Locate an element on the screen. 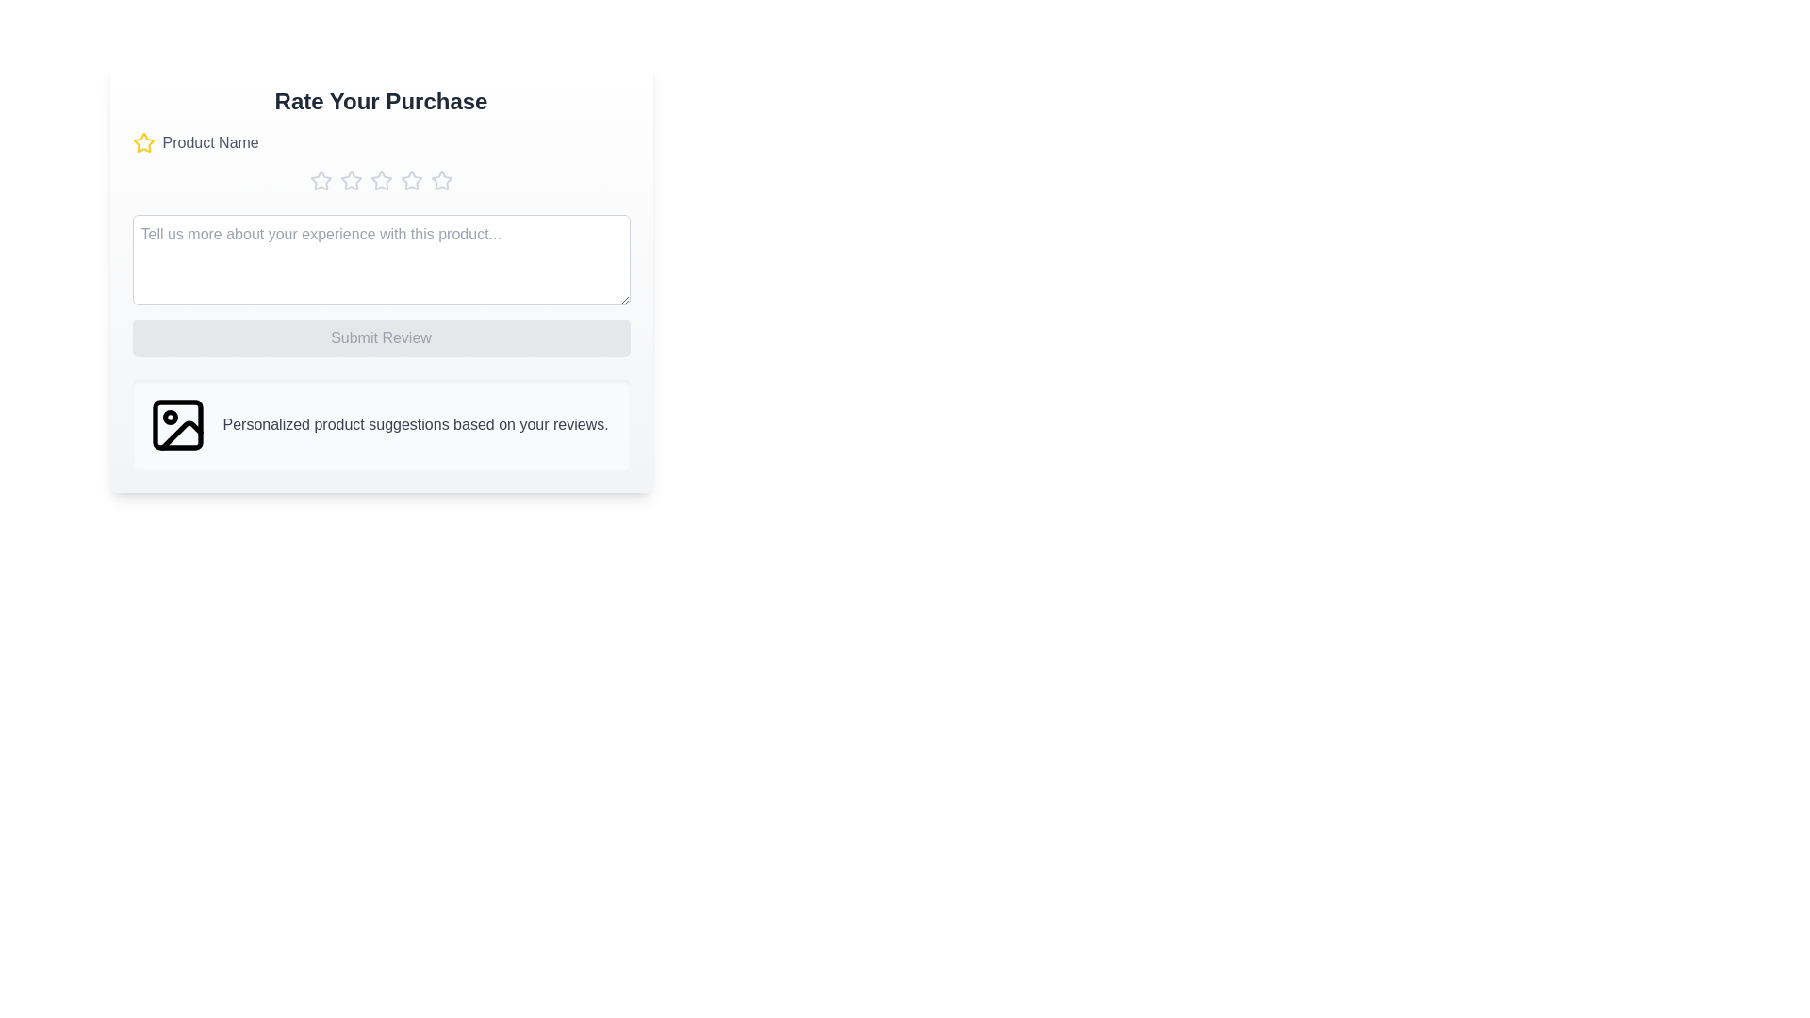 Image resolution: width=1810 pixels, height=1018 pixels. the 'Submit Review' button is located at coordinates (380, 337).